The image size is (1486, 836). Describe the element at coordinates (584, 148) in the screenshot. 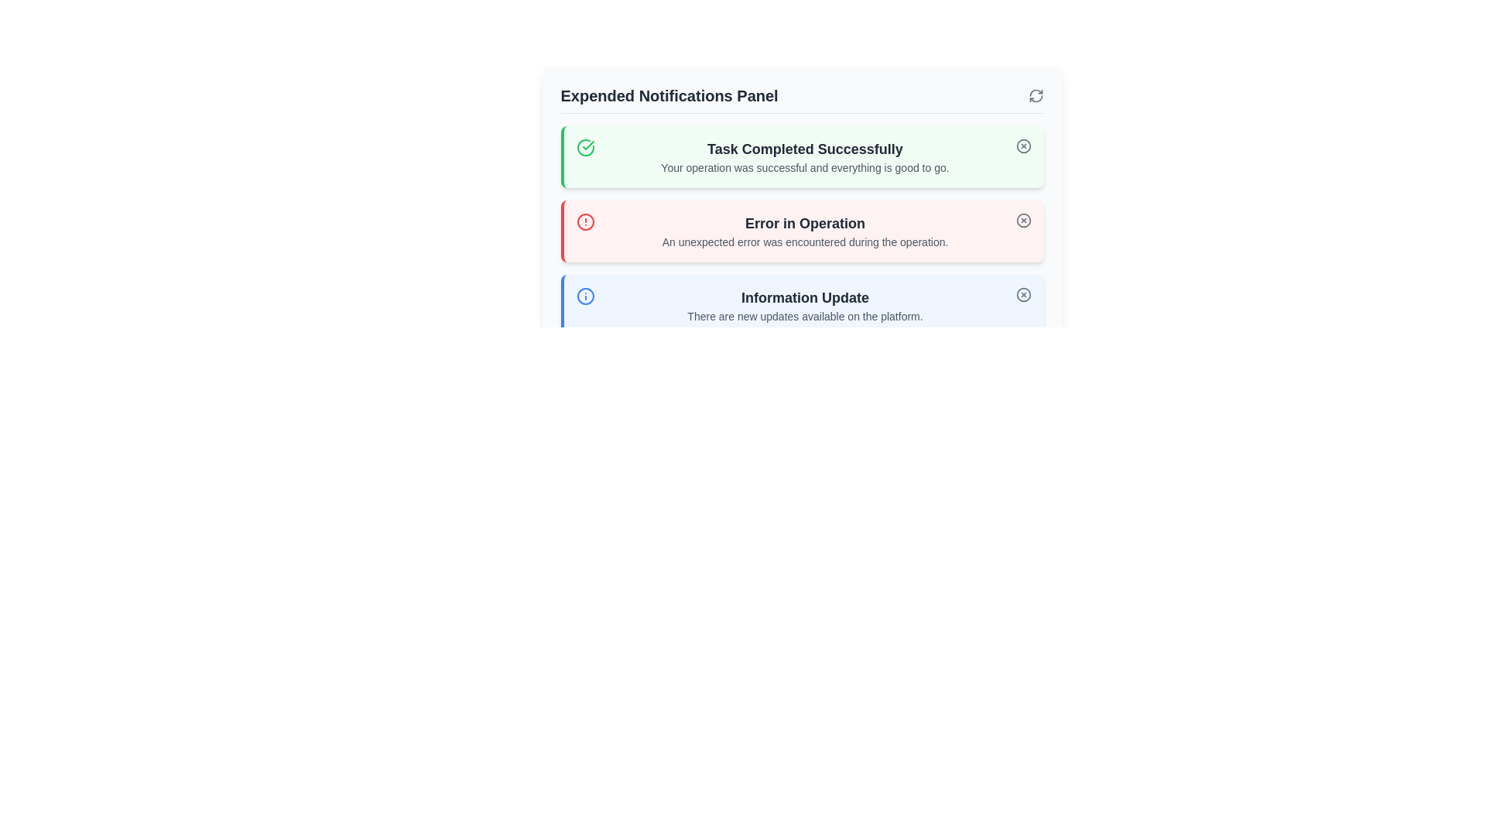

I see `the circular green checkmark icon representing a completed task, located at the top left corner of the notification card labeled 'Task Completed Successfully'` at that location.